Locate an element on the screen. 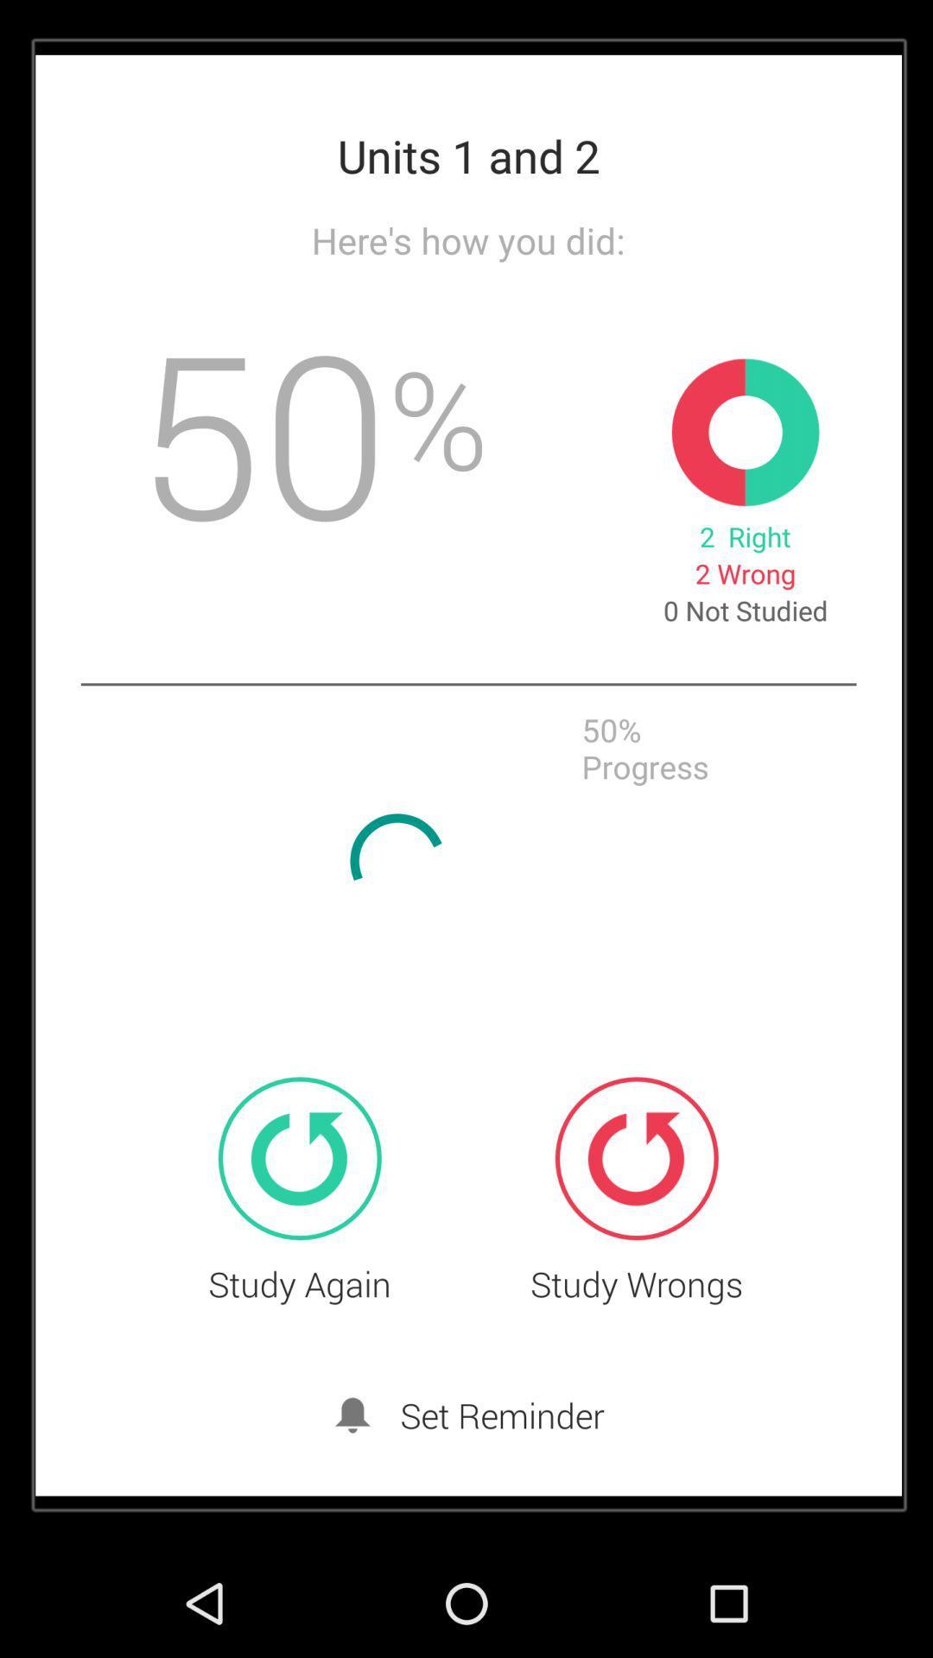  the refresh icon is located at coordinates (299, 1238).